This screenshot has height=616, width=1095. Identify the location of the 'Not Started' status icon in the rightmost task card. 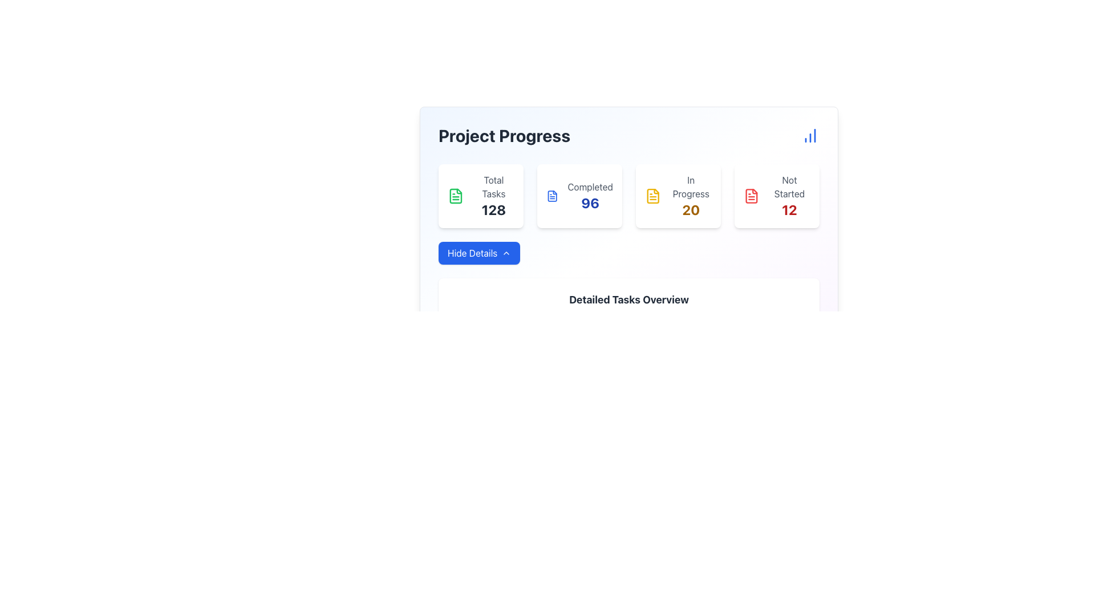
(751, 195).